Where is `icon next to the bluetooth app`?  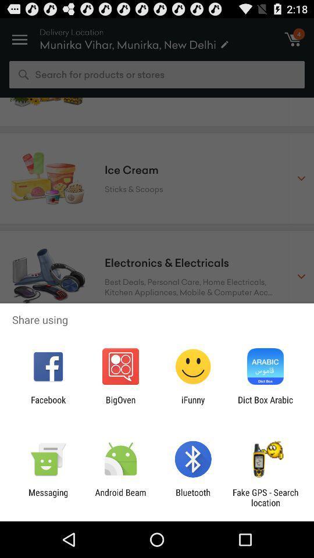 icon next to the bluetooth app is located at coordinates (120, 497).